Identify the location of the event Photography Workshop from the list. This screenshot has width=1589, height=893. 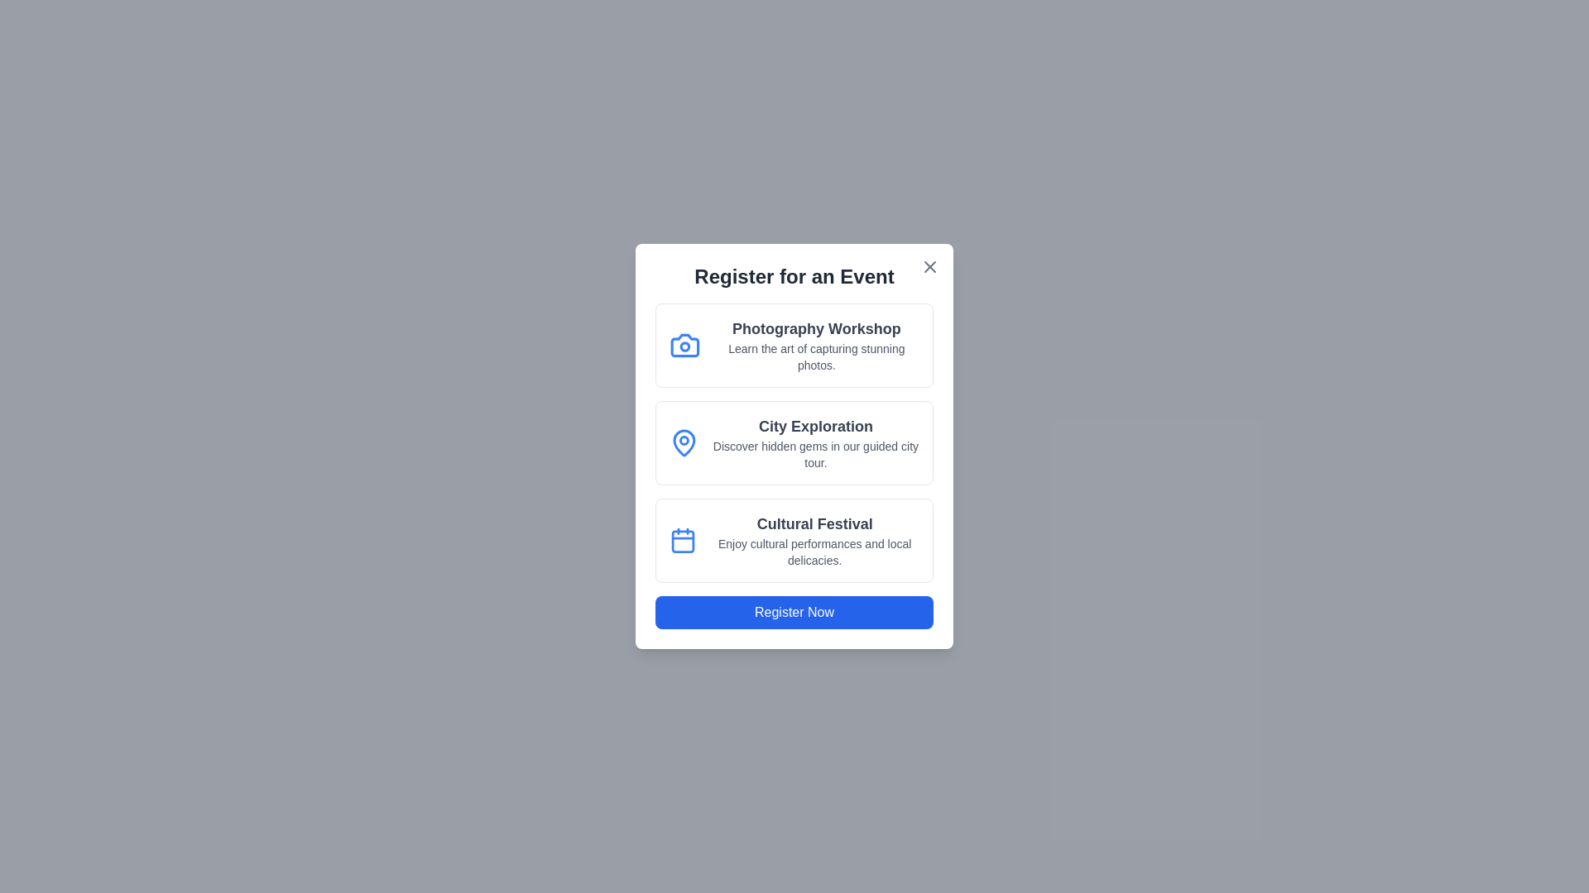
(794, 344).